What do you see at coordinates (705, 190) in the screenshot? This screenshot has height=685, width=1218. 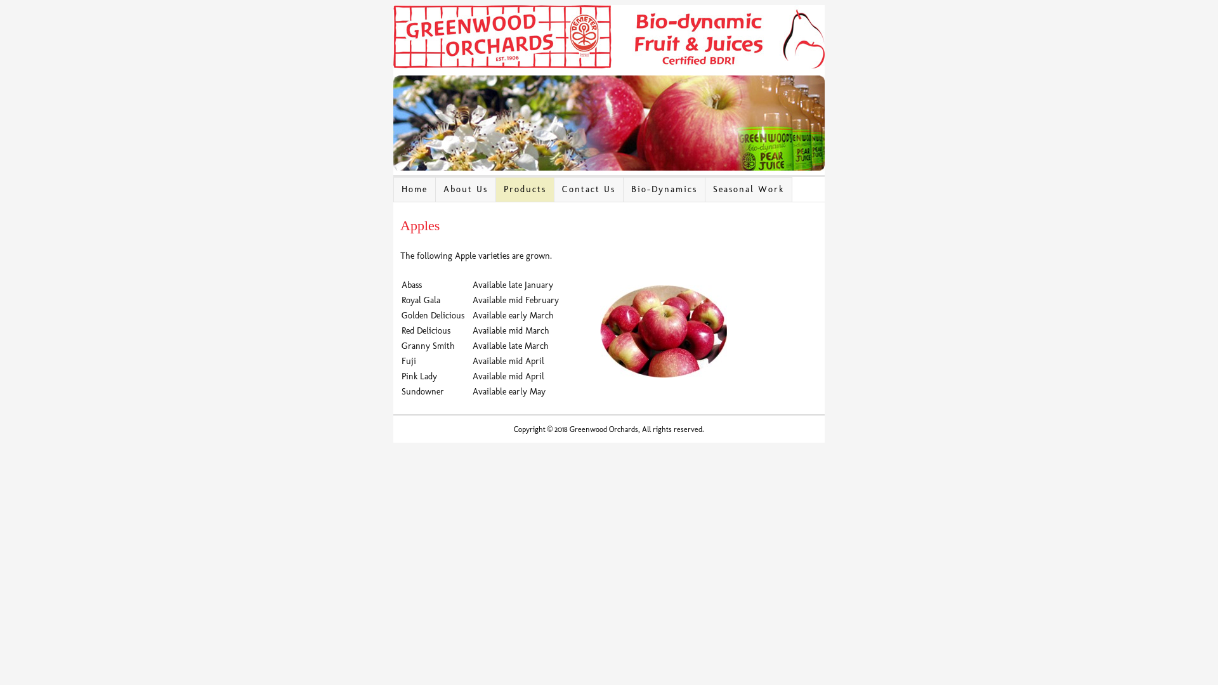 I see `'Seasonal Work'` at bounding box center [705, 190].